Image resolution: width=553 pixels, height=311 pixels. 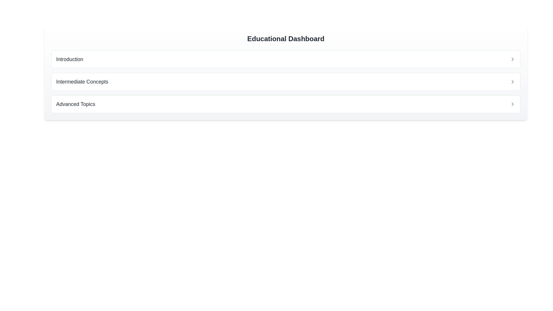 I want to click on the right-facing chevron icon with a thin gray outline located in the 'Introduction' item of a vertical list, so click(x=513, y=59).